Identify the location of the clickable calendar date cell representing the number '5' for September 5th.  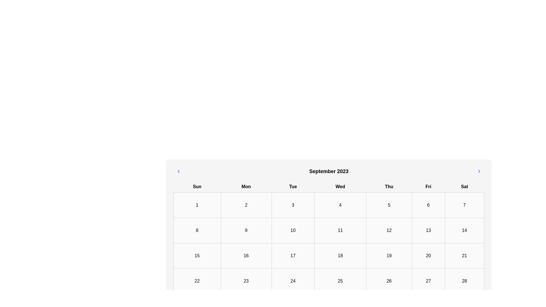
(389, 205).